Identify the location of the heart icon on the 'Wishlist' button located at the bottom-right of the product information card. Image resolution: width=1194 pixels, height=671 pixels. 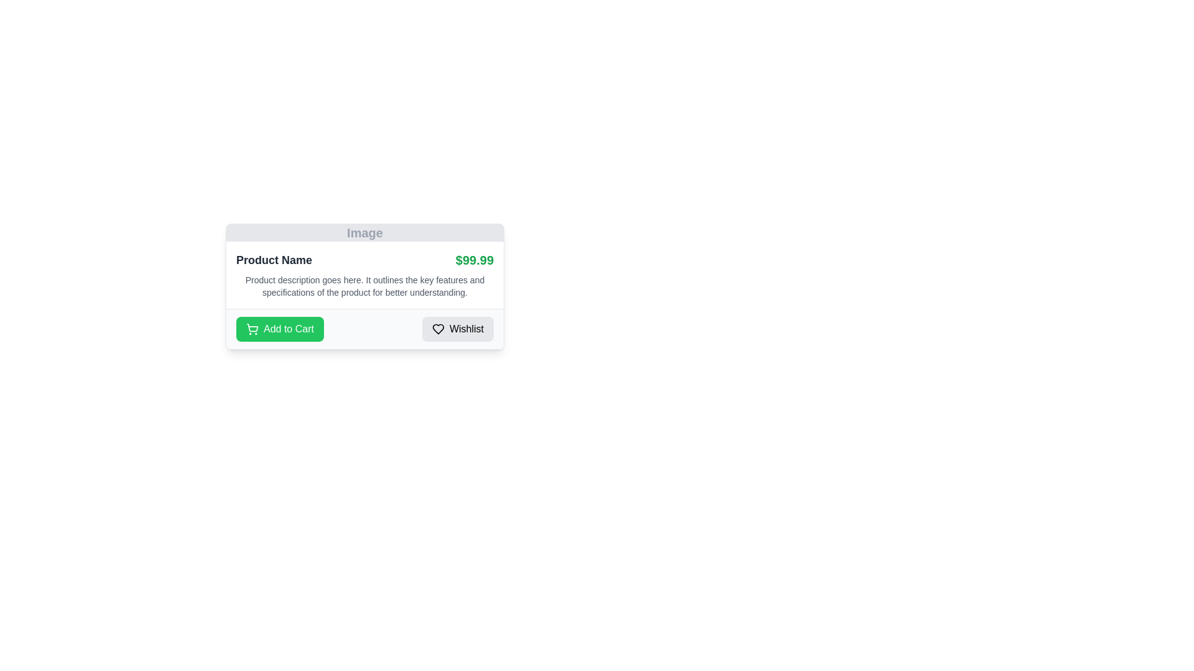
(438, 328).